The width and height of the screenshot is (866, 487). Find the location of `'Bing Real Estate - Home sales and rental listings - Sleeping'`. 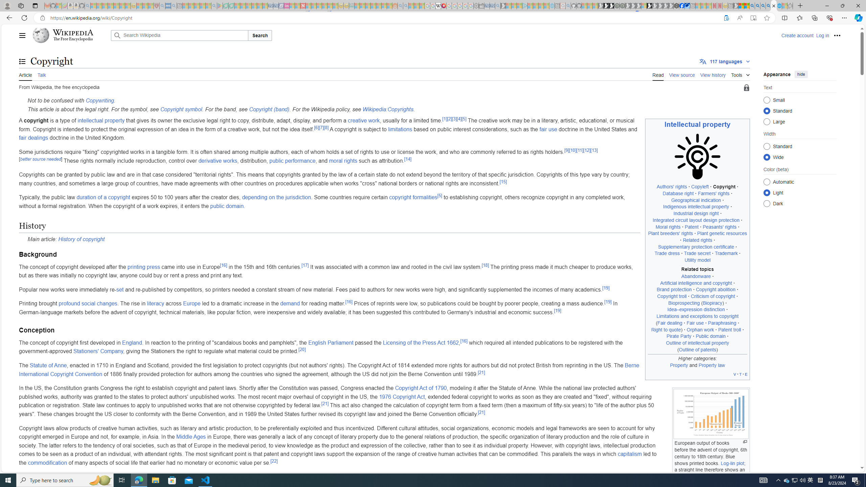

'Bing Real Estate - Home sales and rental listings - Sleeping' is located at coordinates (497, 5).